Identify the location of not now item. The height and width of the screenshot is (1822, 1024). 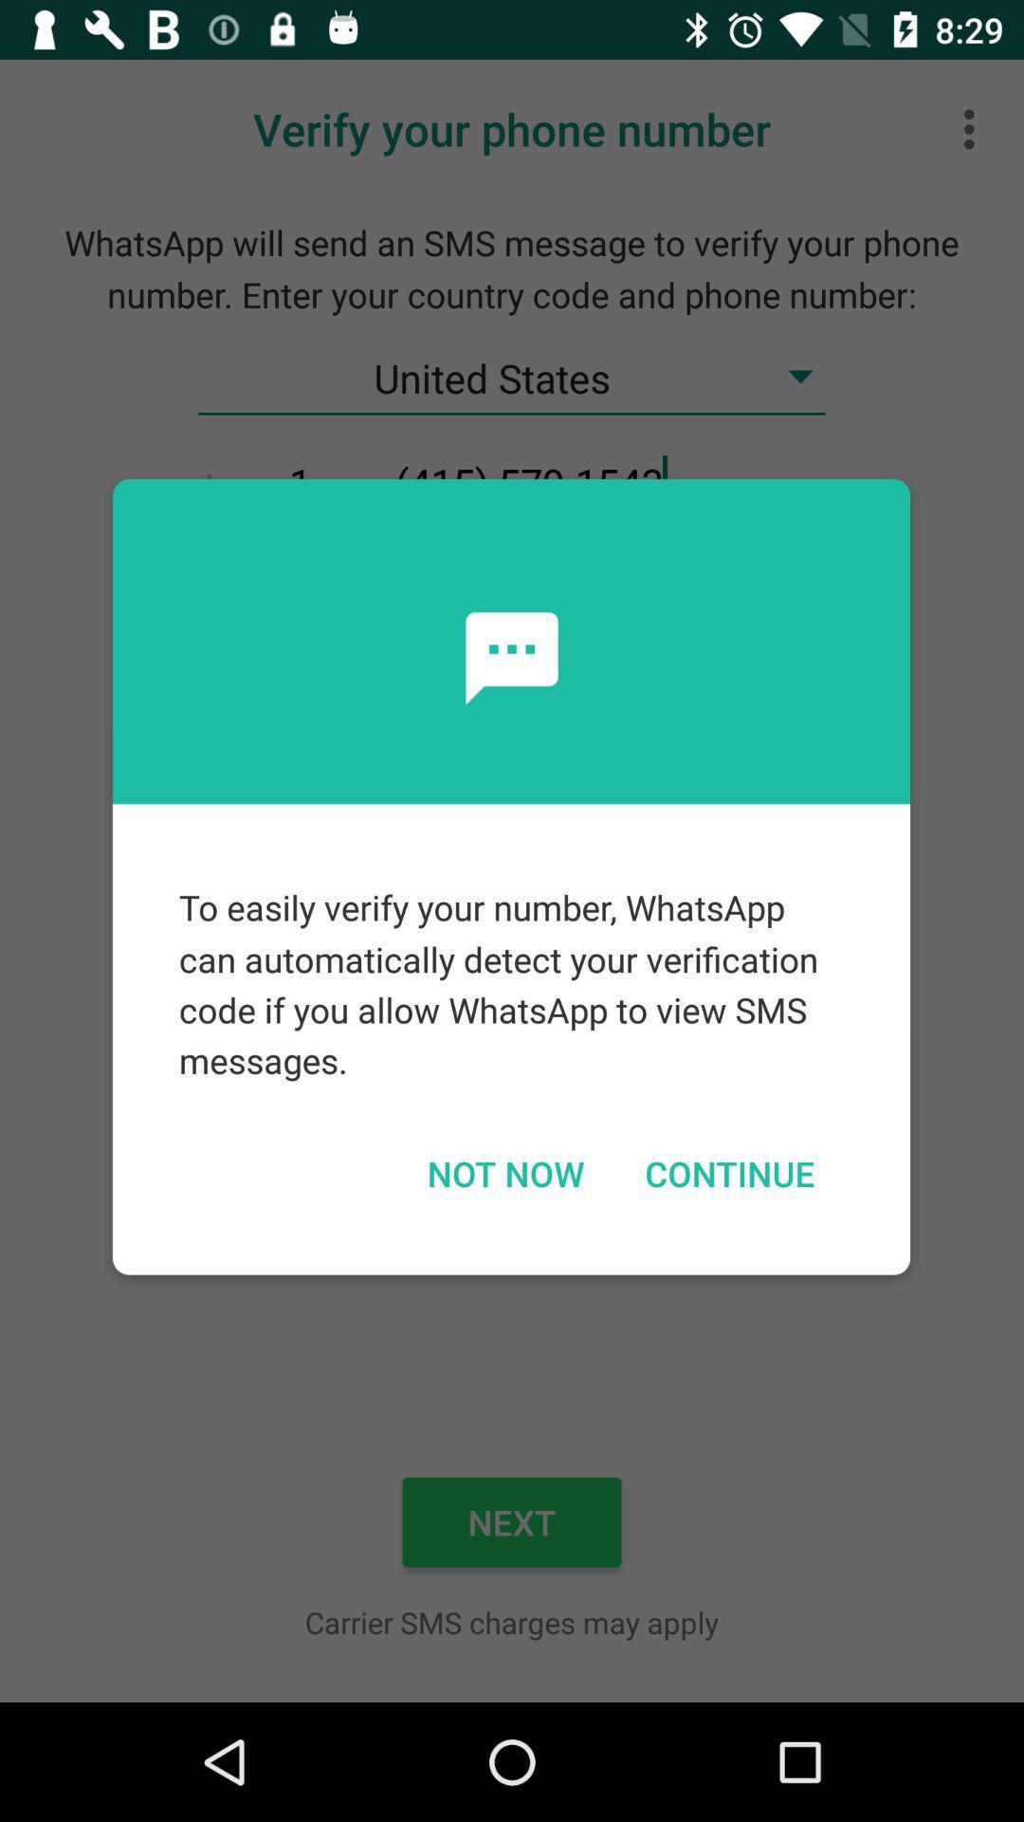
(504, 1172).